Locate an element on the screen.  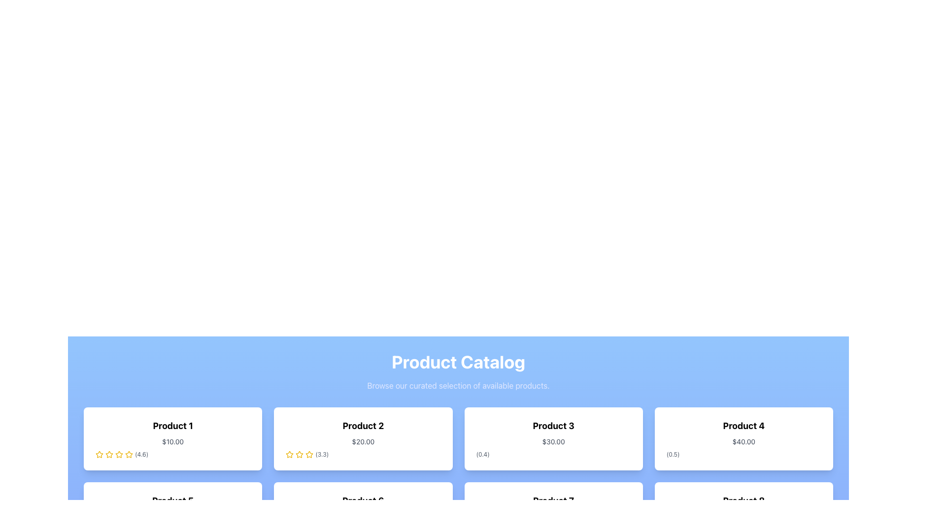
the small-sized text label displaying '(0.5)' in gray, located under the product price of $40.00 in the 'Product 4' card is located at coordinates (673, 454).